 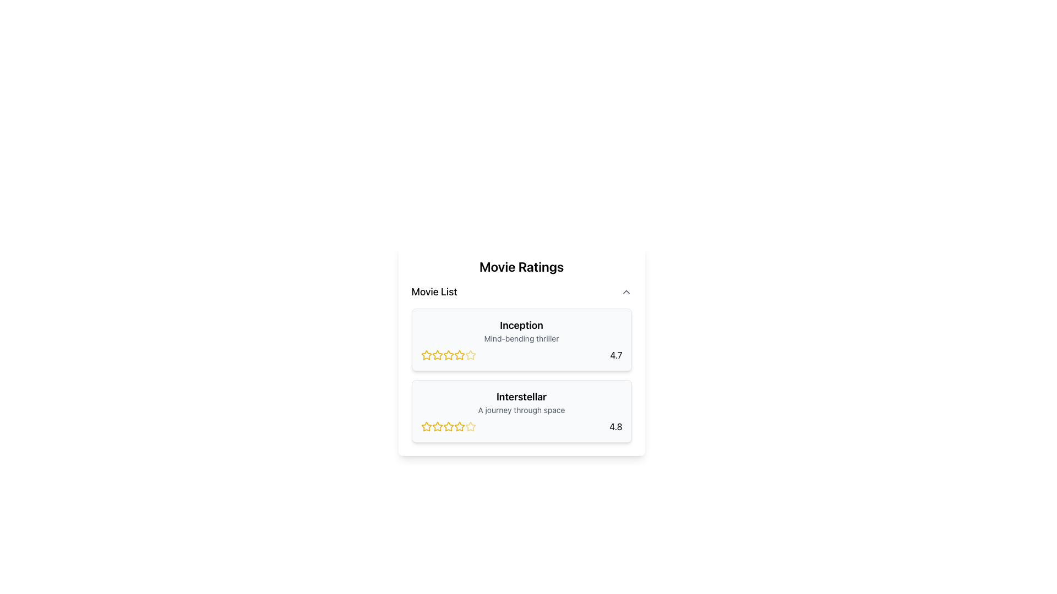 What do you see at coordinates (459, 355) in the screenshot?
I see `the third star in the rating system for the movie 'Inception', which is styled with a vibrant yellow stroke outline and is part of a horizontal alignment of five stars` at bounding box center [459, 355].